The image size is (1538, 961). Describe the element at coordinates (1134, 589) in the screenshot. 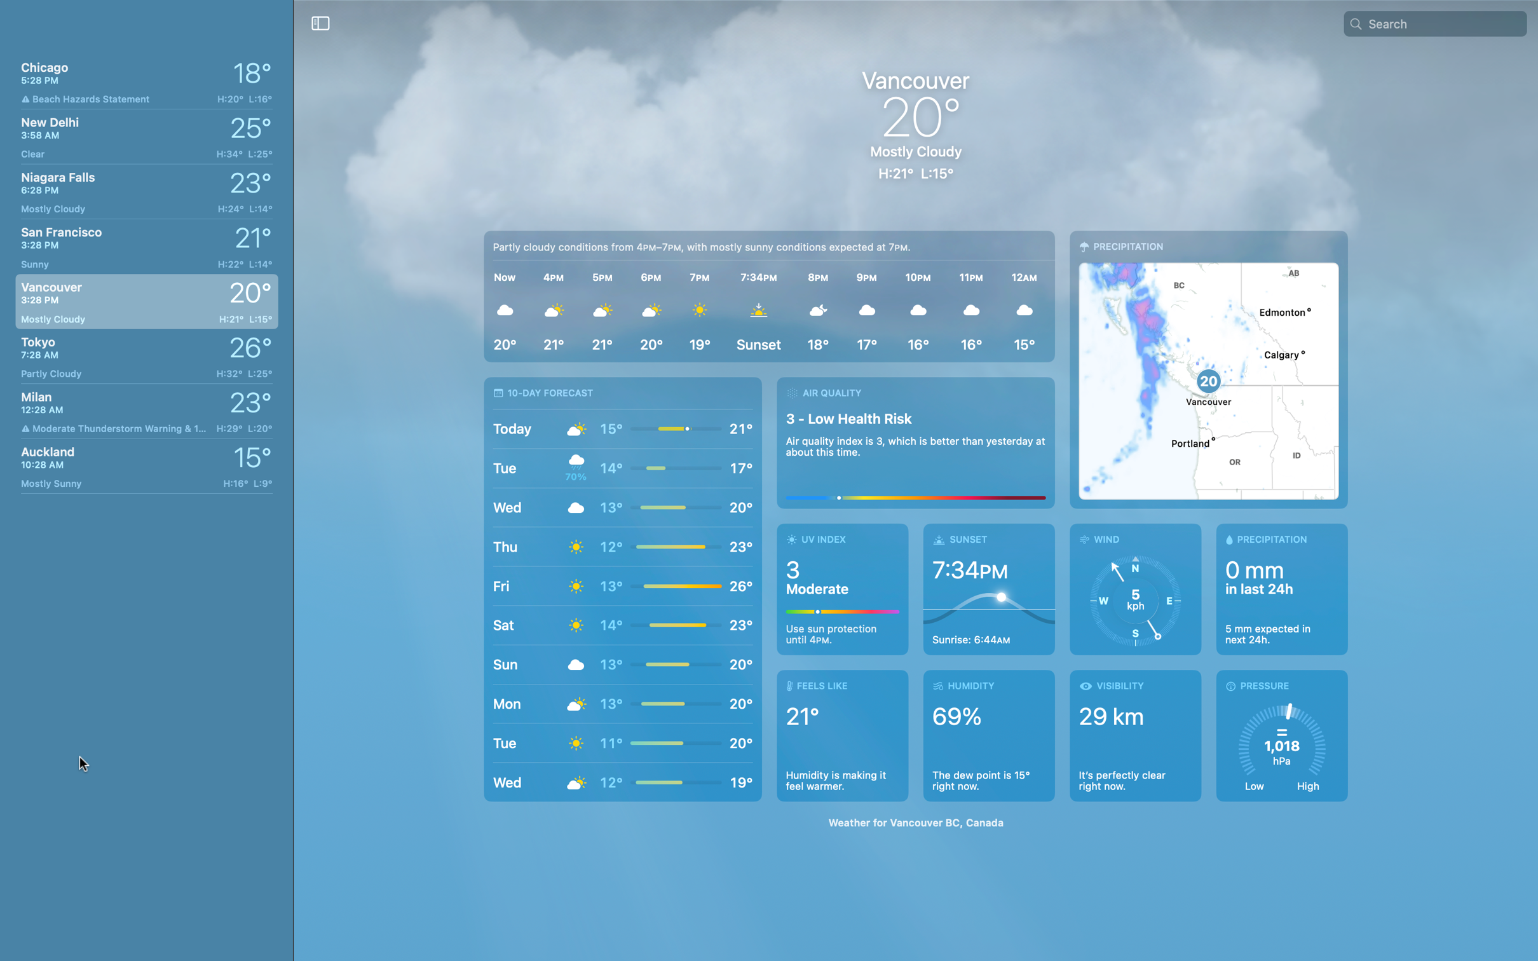

I see `wind information in Vancouver` at that location.